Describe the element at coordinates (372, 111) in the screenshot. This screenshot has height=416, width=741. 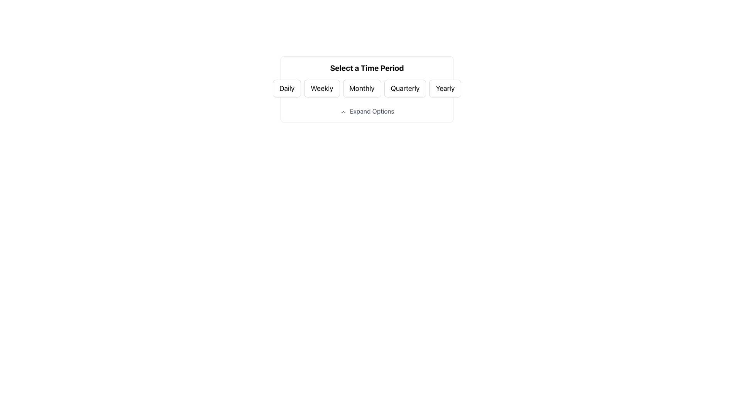
I see `the text label that says 'Expand Options', which is styled with medium-sized gray text and located directly beneath the time period selection buttons` at that location.